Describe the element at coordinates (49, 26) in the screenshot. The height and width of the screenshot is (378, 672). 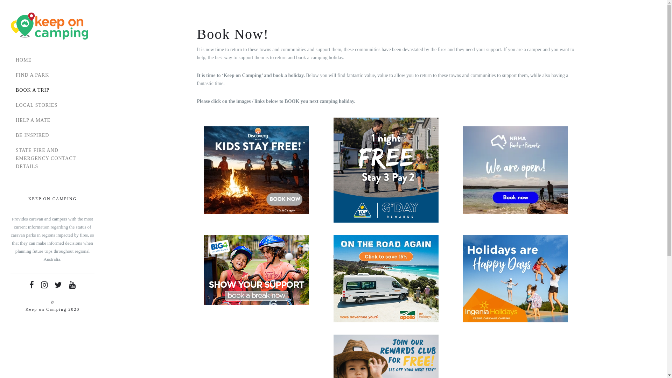
I see `'Keep On Camping'` at that location.